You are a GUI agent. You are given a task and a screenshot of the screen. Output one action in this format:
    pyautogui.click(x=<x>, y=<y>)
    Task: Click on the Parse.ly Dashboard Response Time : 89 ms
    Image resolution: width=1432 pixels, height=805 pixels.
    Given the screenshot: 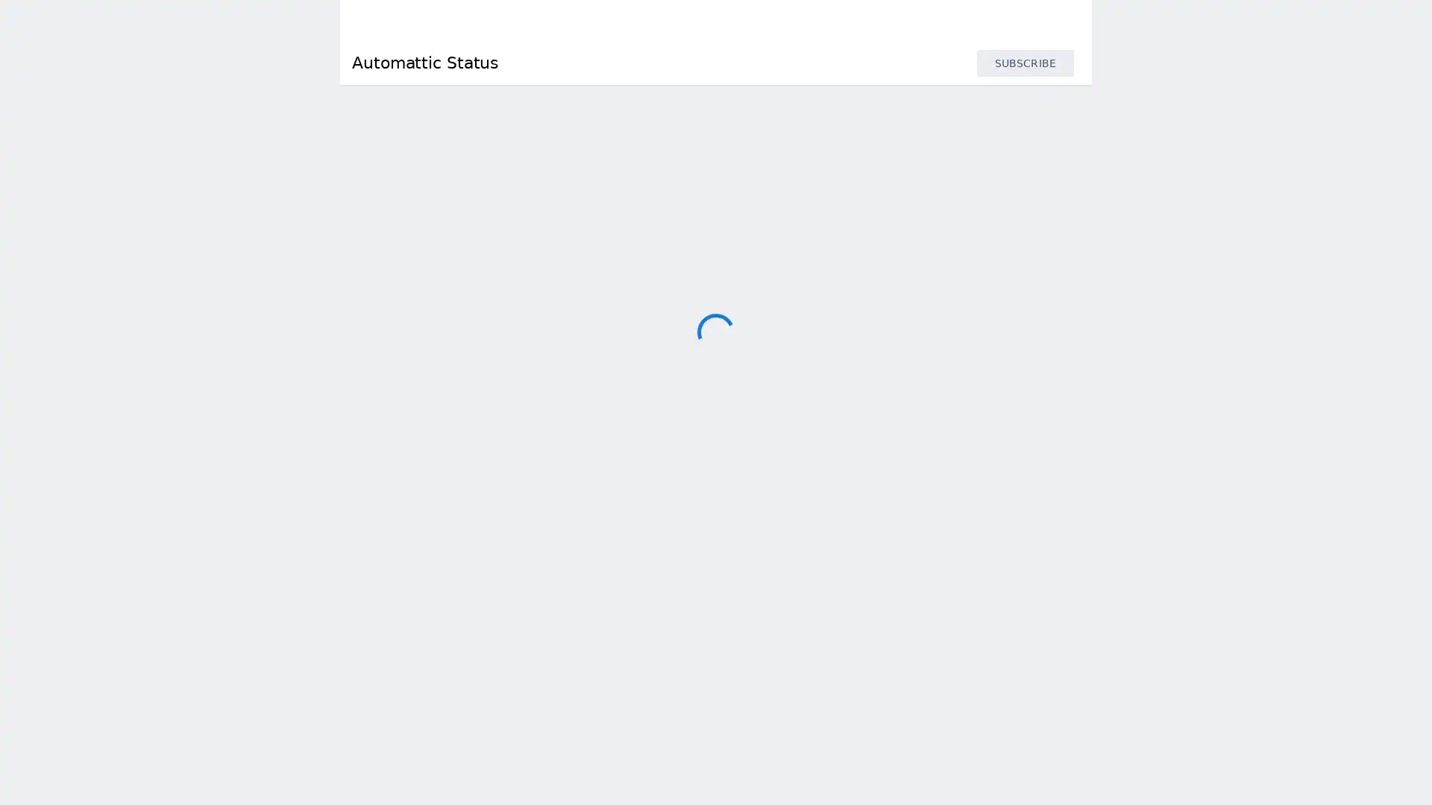 What is the action you would take?
    pyautogui.click(x=625, y=666)
    